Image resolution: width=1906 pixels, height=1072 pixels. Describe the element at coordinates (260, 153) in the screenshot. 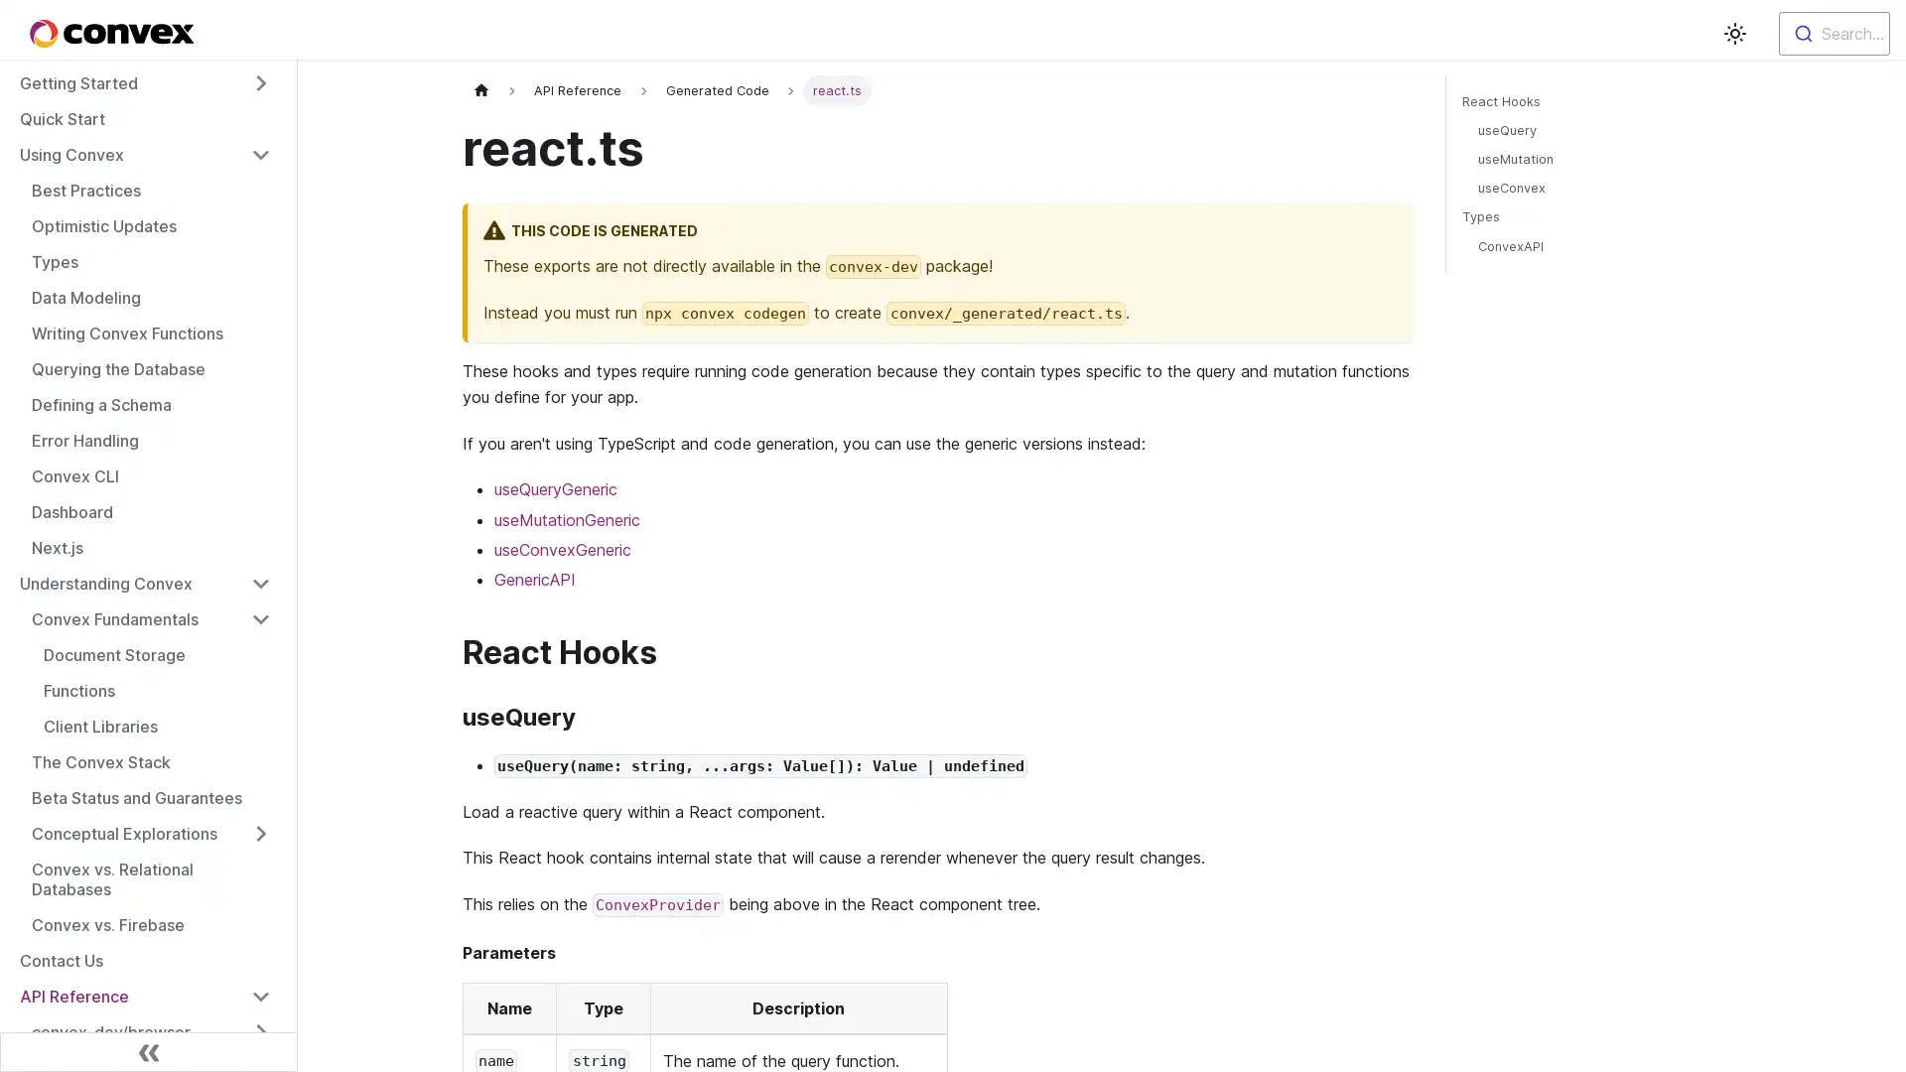

I see `Toggle the collapsible sidebar category 'Using Convex'` at that location.